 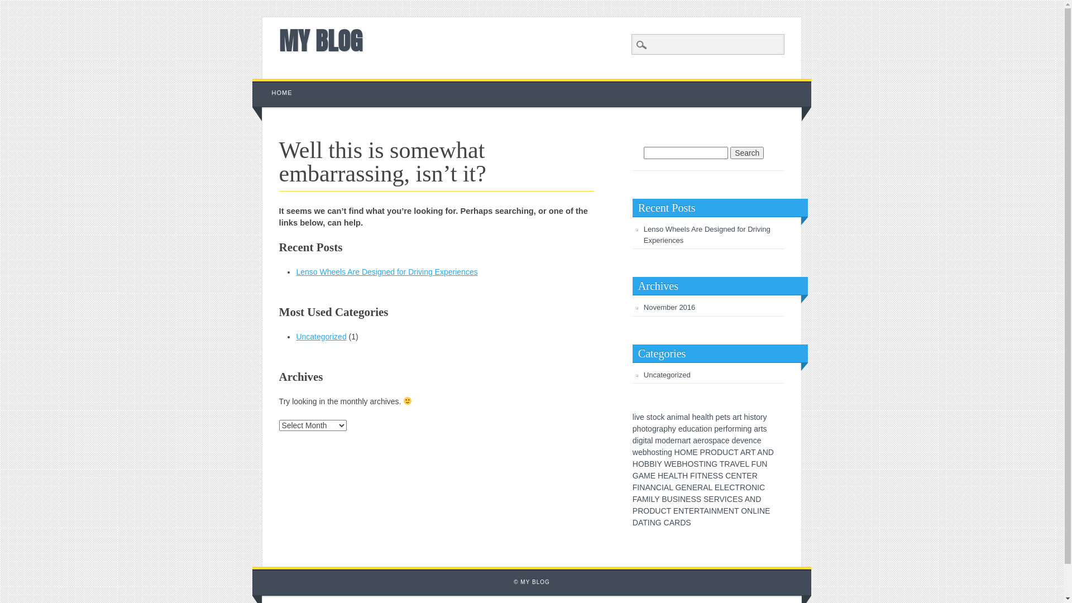 I want to click on 'D', so click(x=770, y=452).